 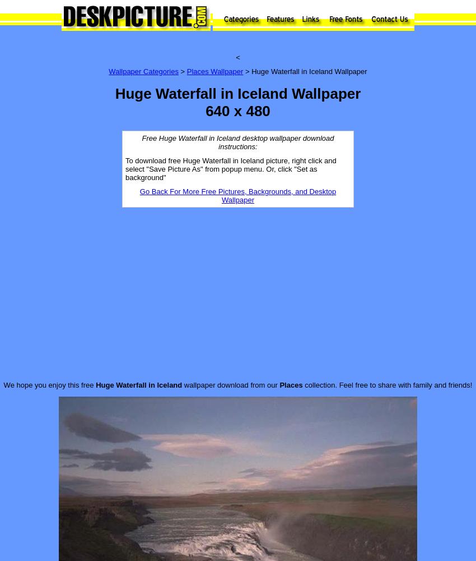 What do you see at coordinates (237, 57) in the screenshot?
I see `'<'` at bounding box center [237, 57].